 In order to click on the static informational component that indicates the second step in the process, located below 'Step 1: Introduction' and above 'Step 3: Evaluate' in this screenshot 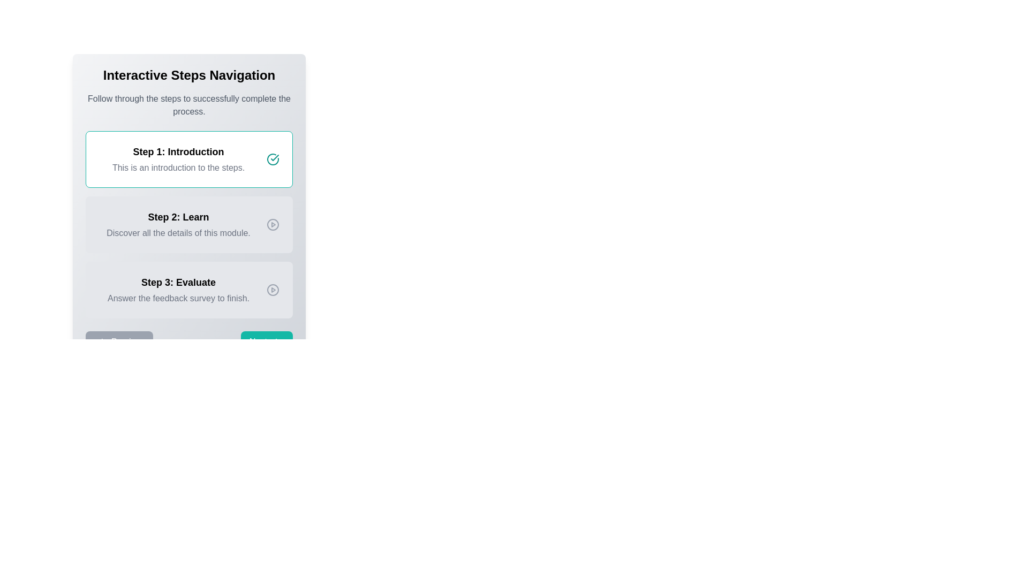, I will do `click(189, 224)`.